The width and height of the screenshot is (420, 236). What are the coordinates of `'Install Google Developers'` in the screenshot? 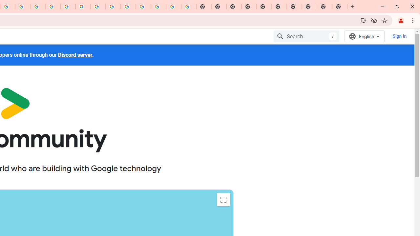 It's located at (363, 20).